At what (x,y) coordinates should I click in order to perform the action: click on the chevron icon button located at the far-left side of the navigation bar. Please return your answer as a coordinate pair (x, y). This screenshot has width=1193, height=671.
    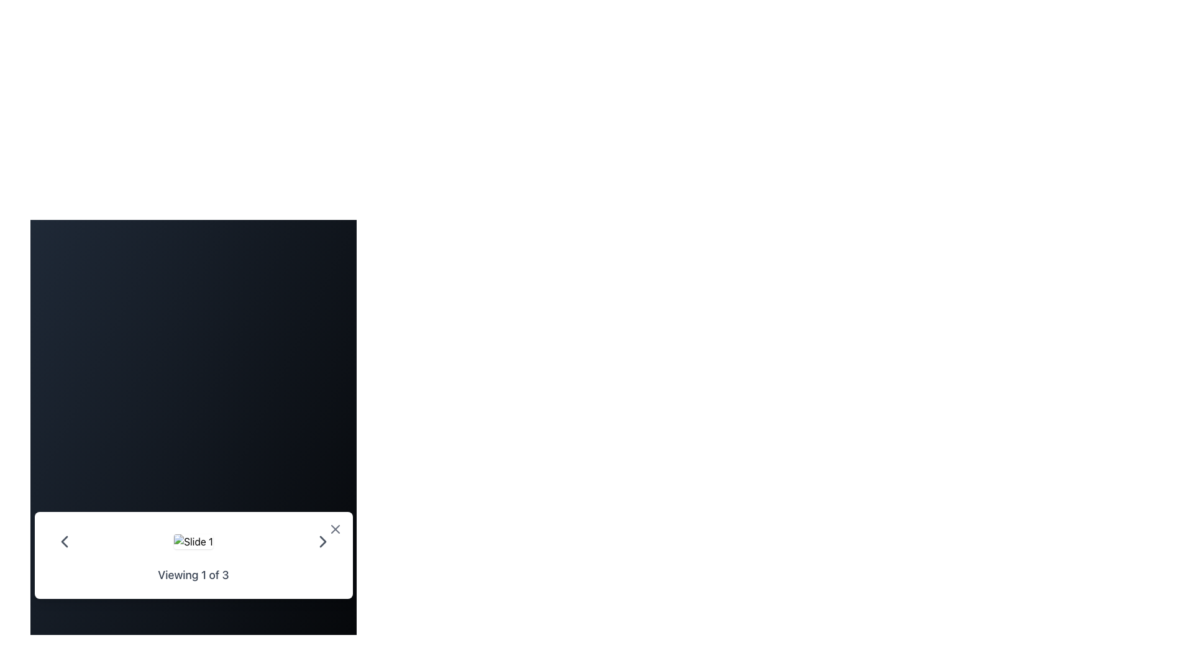
    Looking at the image, I should click on (63, 541).